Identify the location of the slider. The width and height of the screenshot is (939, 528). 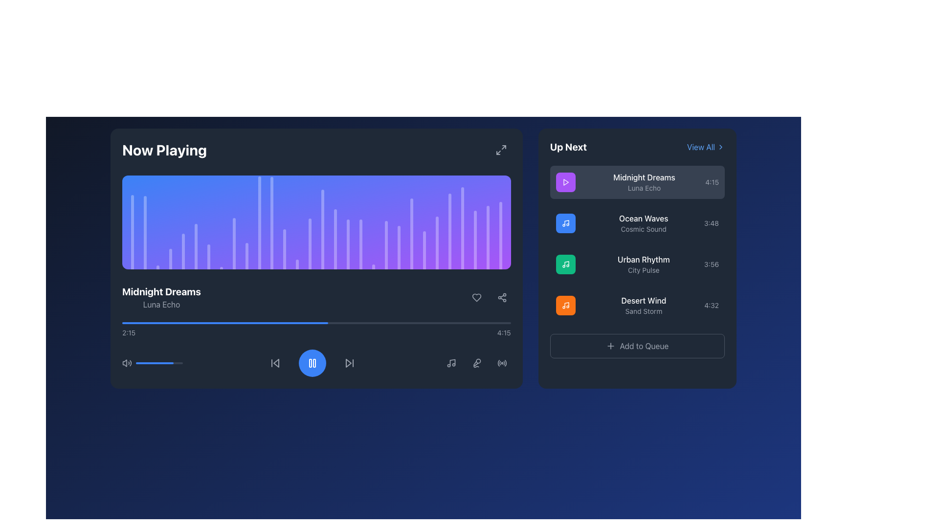
(161, 363).